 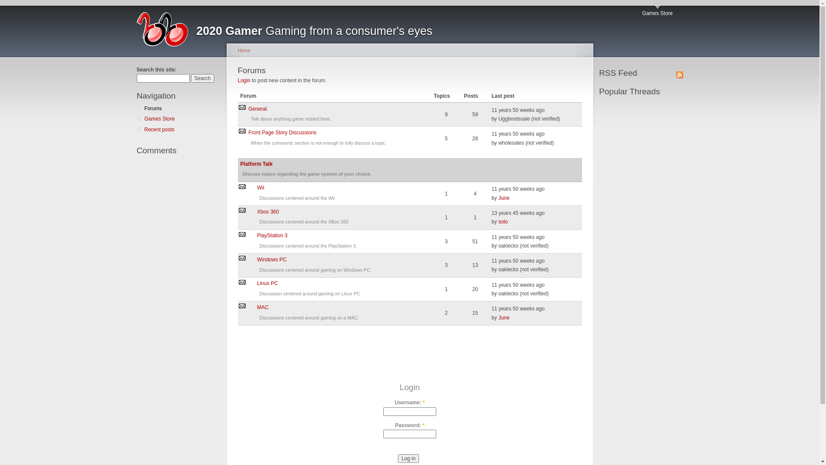 I want to click on 'Platform Talk', so click(x=256, y=164).